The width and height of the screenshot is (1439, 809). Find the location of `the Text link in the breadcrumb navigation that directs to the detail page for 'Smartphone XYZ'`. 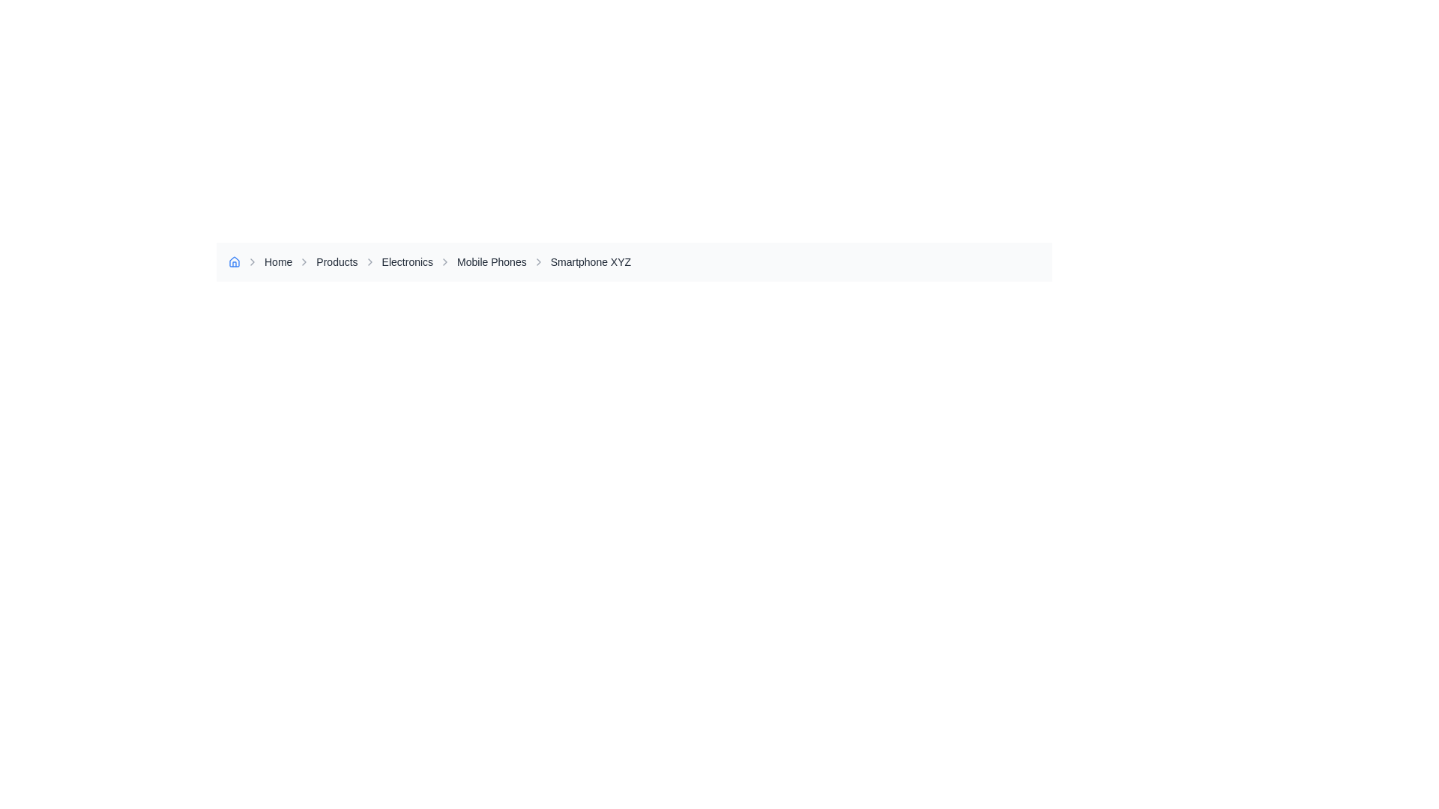

the Text link in the breadcrumb navigation that directs to the detail page for 'Smartphone XYZ' is located at coordinates (581, 261).